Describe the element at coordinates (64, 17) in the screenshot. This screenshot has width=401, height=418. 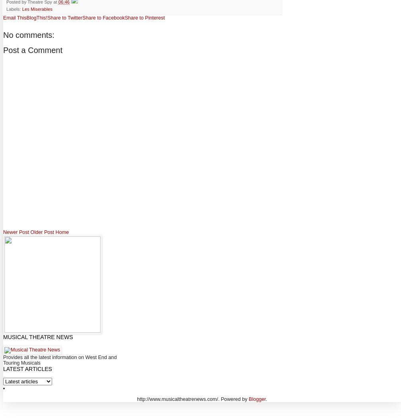
I see `'Share to Twitter'` at that location.